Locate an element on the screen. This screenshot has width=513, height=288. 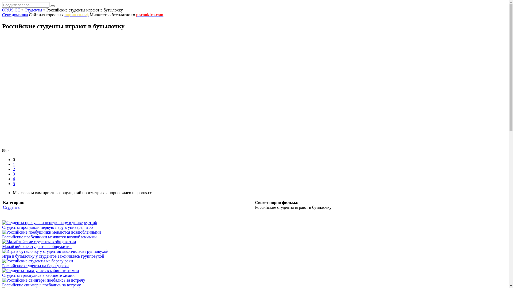
'3' is located at coordinates (14, 174).